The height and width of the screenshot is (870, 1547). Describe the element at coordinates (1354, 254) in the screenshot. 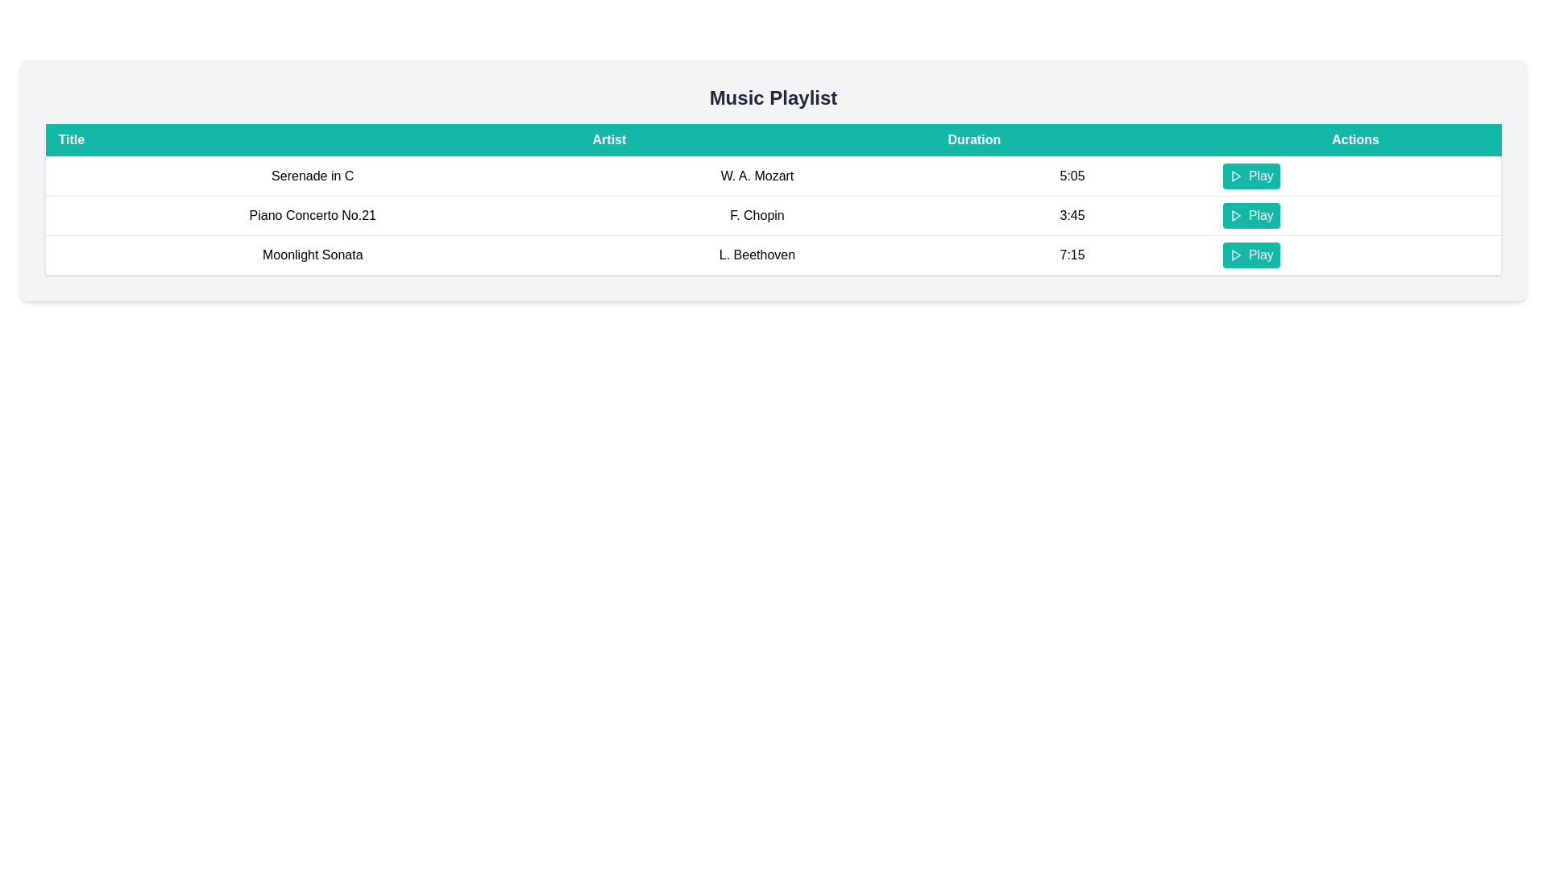

I see `the 'Play' button with a green background located in the 'Actions' column of the last row of the music playlist table for the 'Moonlight Sonata' entry` at that location.